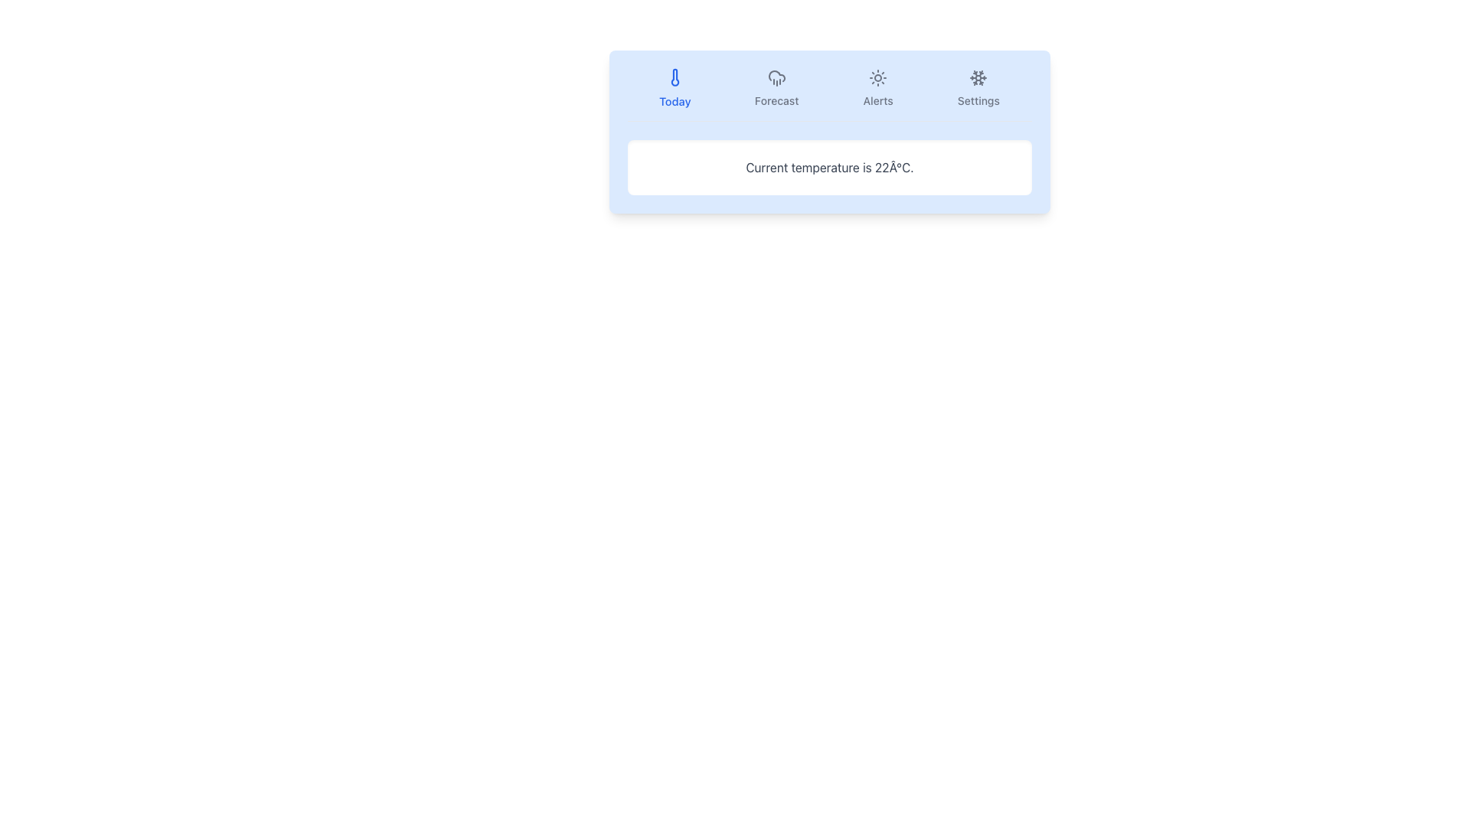 This screenshot has width=1470, height=827. What do you see at coordinates (829, 168) in the screenshot?
I see `text displayed in the informational text box that shows 'Current temperature is 22°C.'` at bounding box center [829, 168].